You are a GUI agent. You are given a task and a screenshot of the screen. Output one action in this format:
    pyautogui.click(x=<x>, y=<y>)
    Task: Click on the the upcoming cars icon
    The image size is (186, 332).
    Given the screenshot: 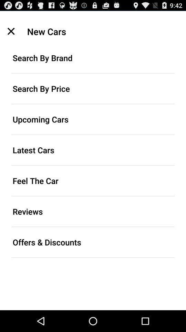 What is the action you would take?
    pyautogui.click(x=93, y=119)
    